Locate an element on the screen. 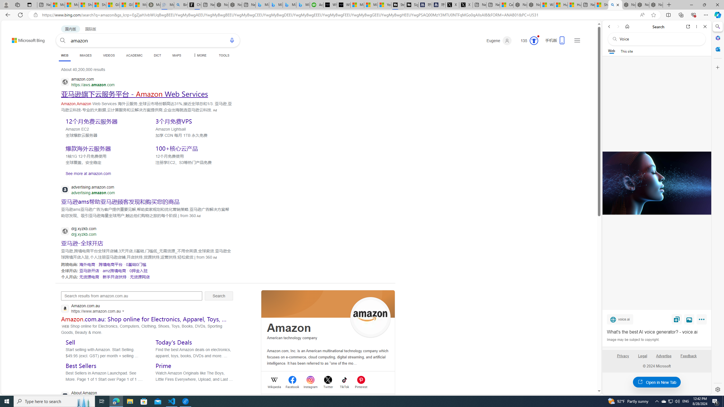  'Class: medal-svg-animation' is located at coordinates (534, 40).